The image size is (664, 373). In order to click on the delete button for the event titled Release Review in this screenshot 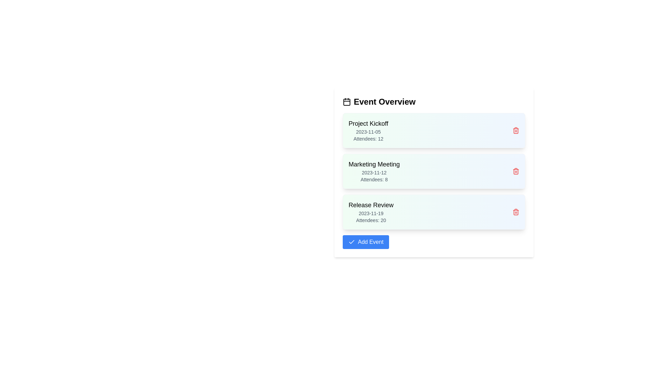, I will do `click(516, 211)`.